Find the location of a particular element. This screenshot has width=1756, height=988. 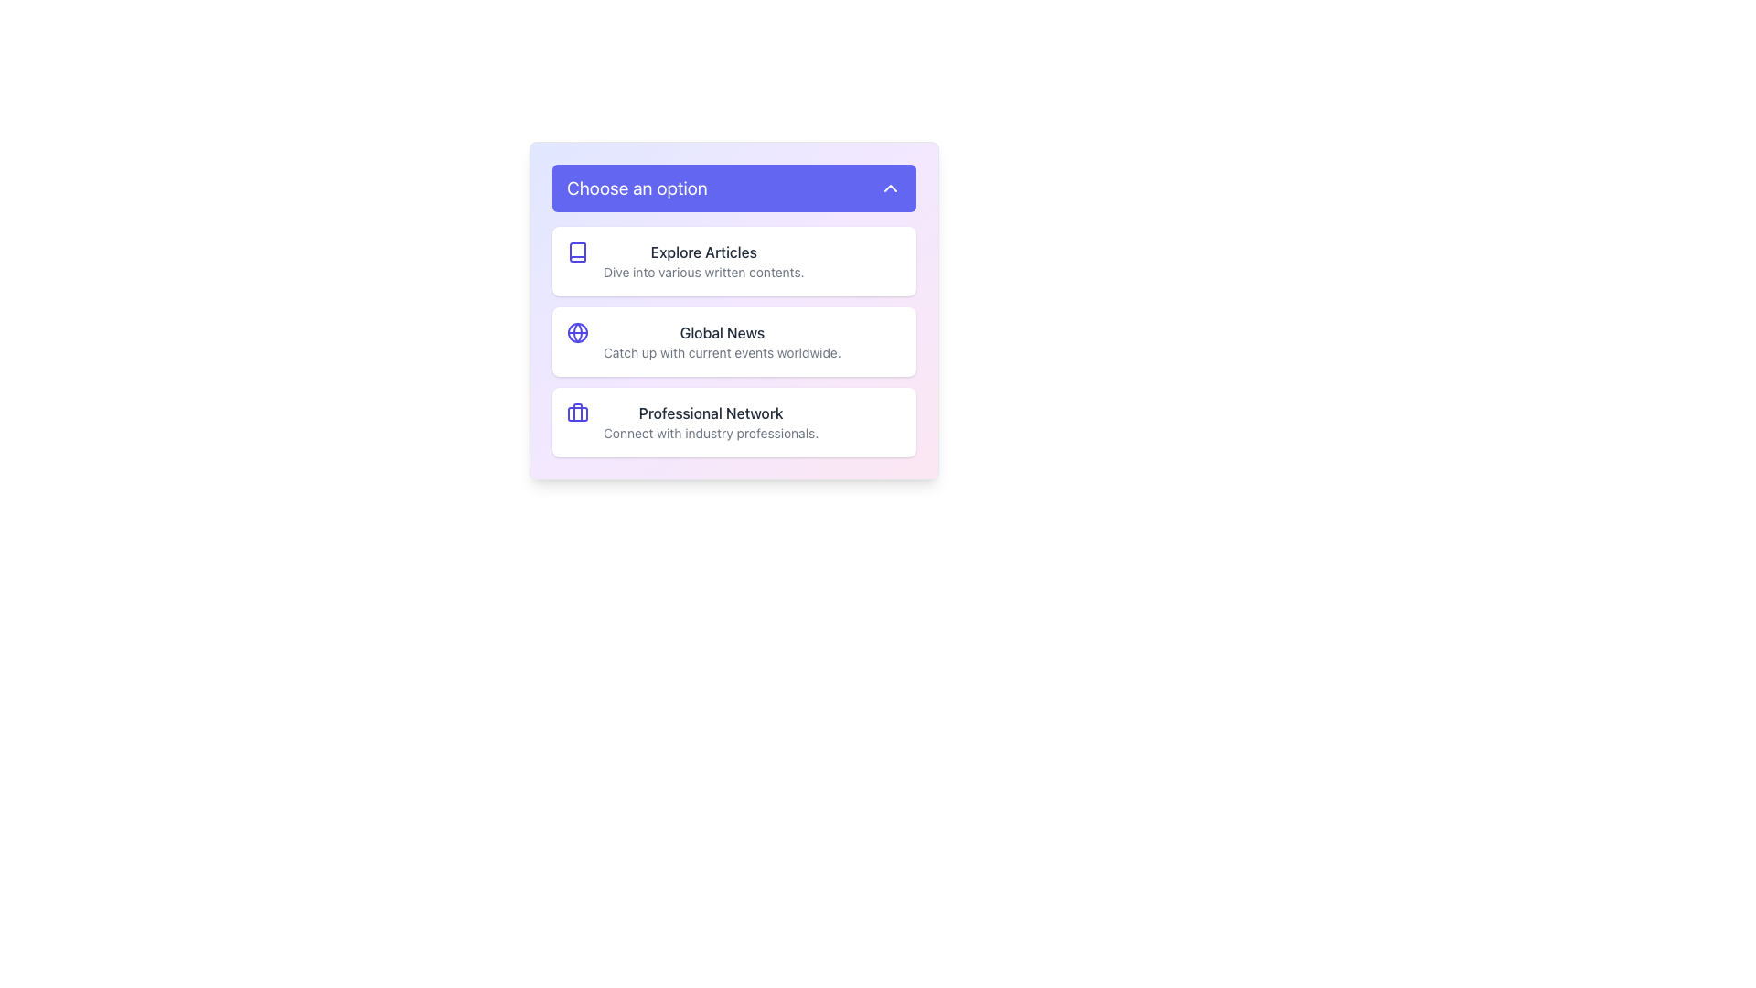

the global news and current events button, which is the second option in a vertically stacked list of three options, located between 'Explore Articles' and 'Professional Network' is located at coordinates (733, 342).